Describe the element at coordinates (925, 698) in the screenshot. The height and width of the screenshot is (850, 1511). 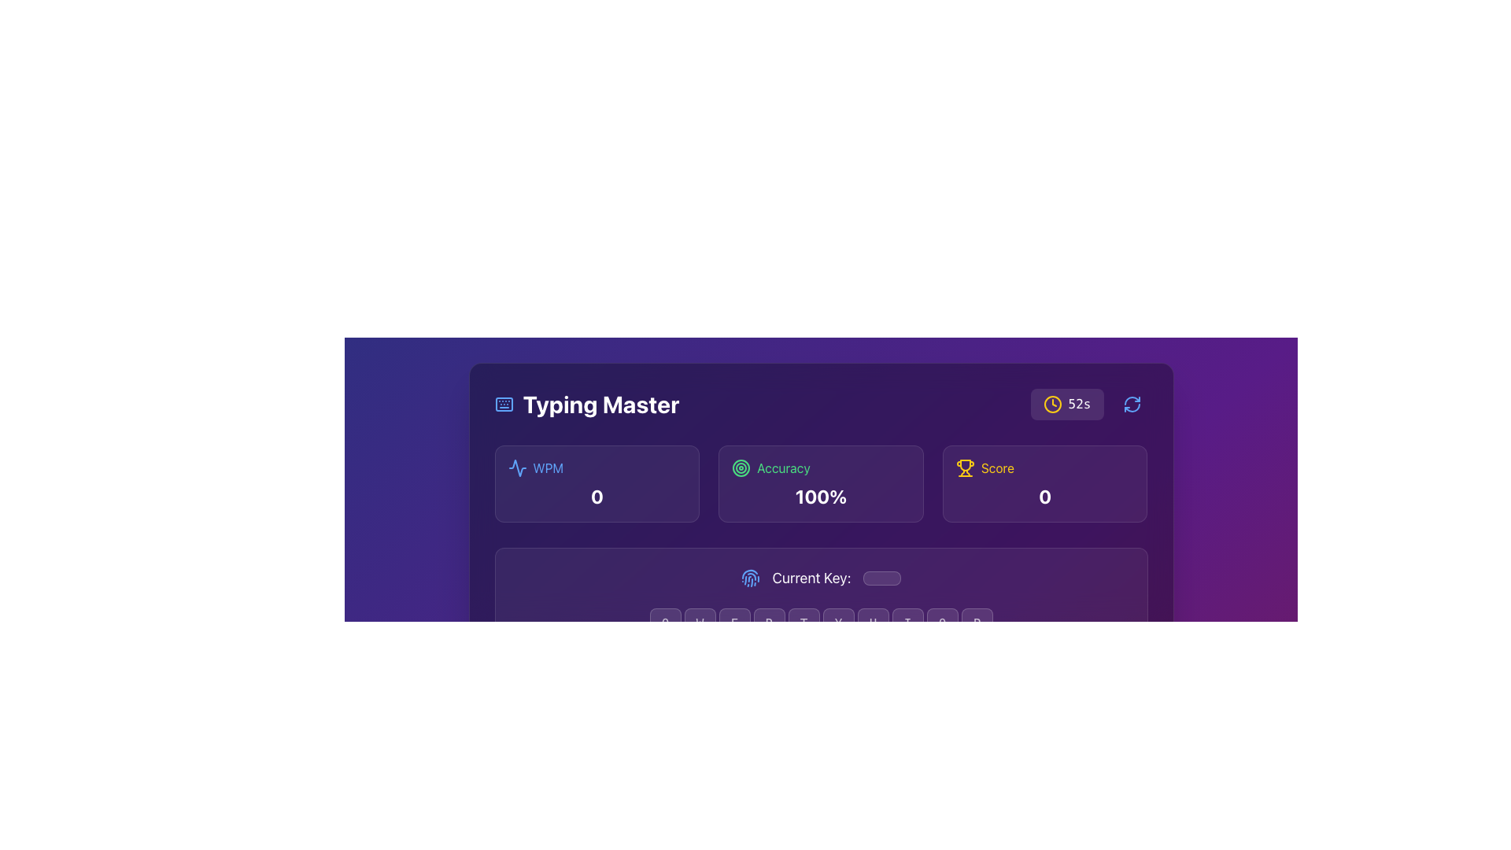
I see `the 'M' key button in the virtual keyboard interface` at that location.